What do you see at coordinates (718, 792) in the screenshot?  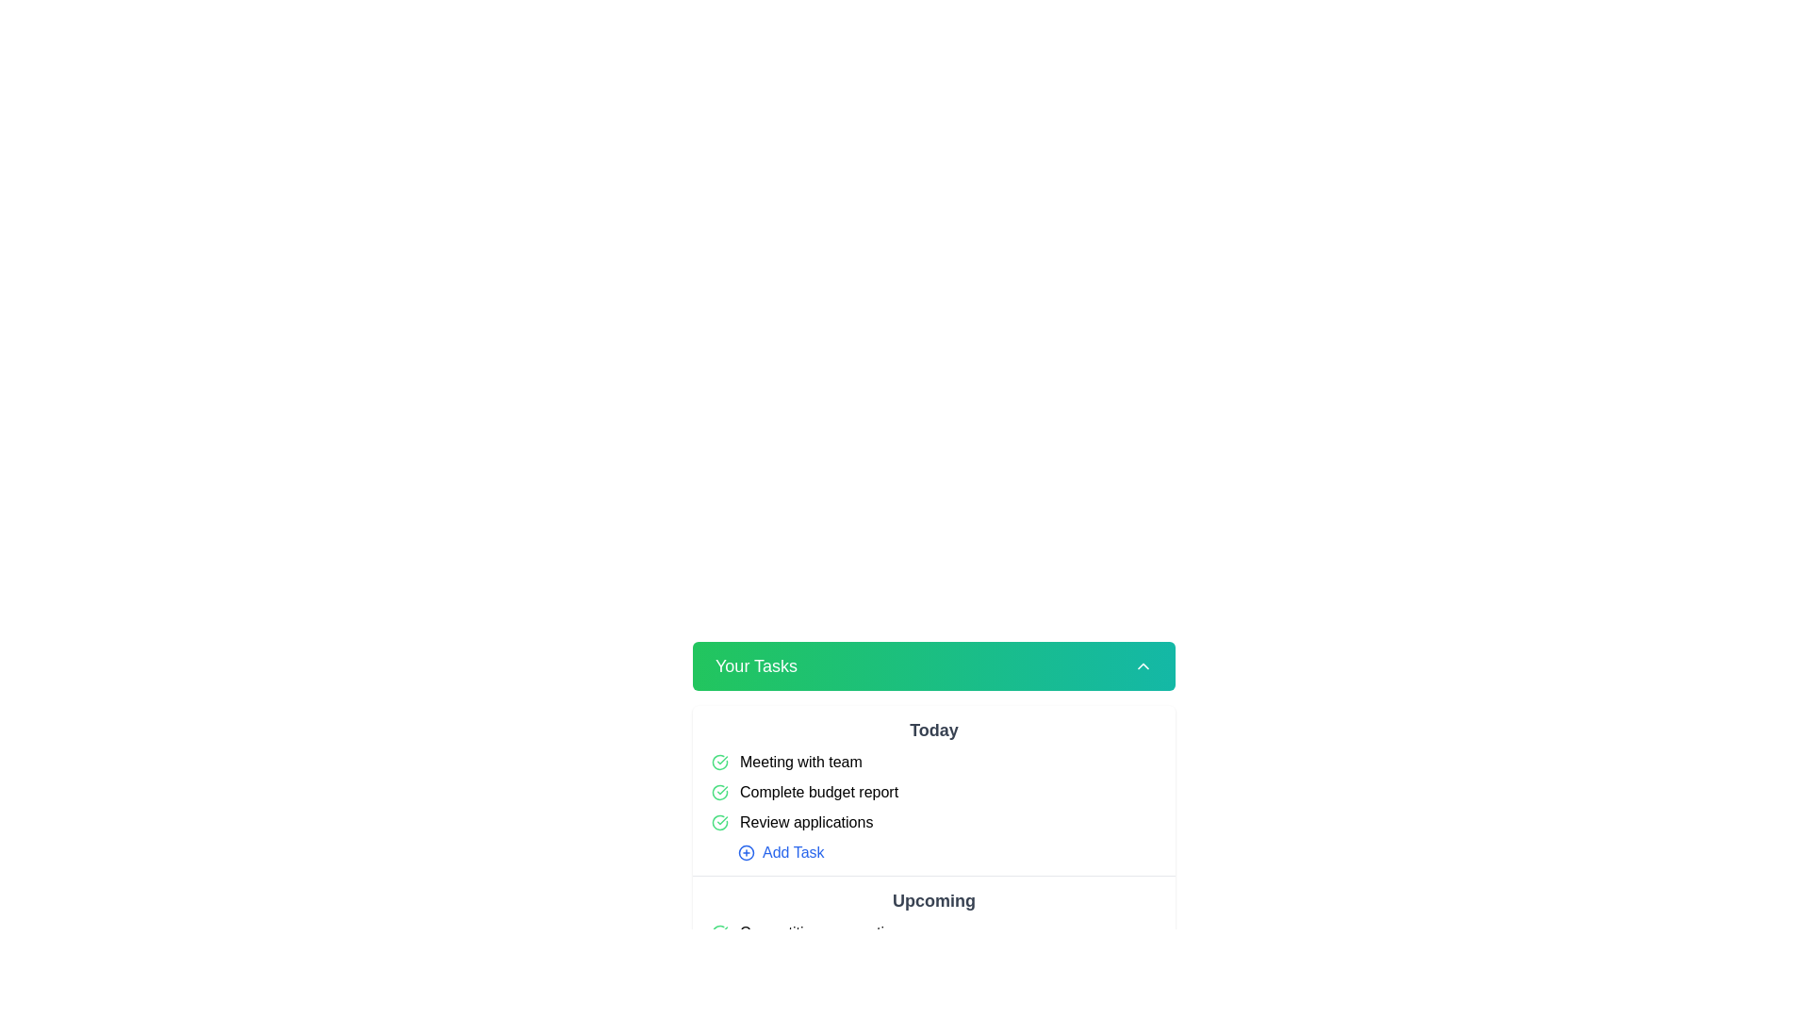 I see `the Checkmark icon indicating the completion status of the 'Complete budget report' task in the 'Today' section of the task list` at bounding box center [718, 792].